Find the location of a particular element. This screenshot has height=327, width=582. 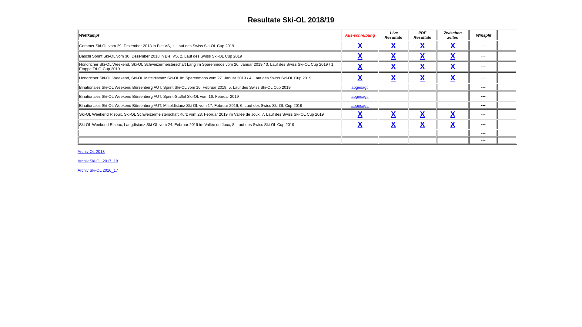

'X' is located at coordinates (393, 124).